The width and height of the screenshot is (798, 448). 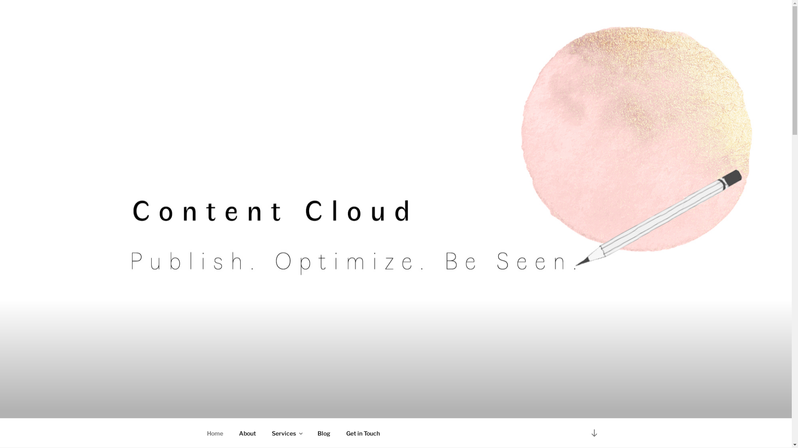 I want to click on 'Home', so click(x=215, y=433).